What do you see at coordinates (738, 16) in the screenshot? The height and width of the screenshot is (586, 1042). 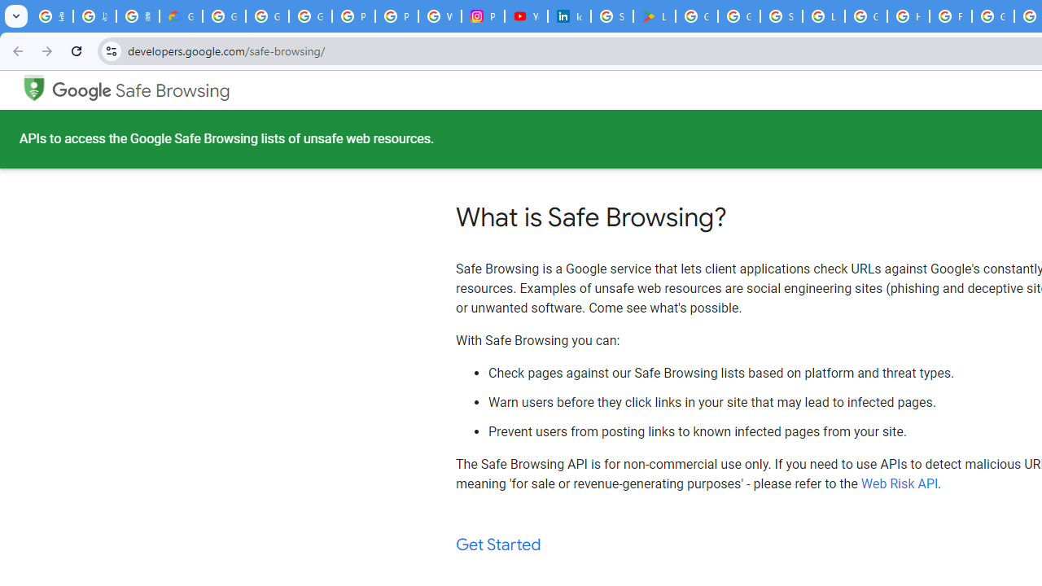 I see `'Google Workspace - Specific Terms'` at bounding box center [738, 16].